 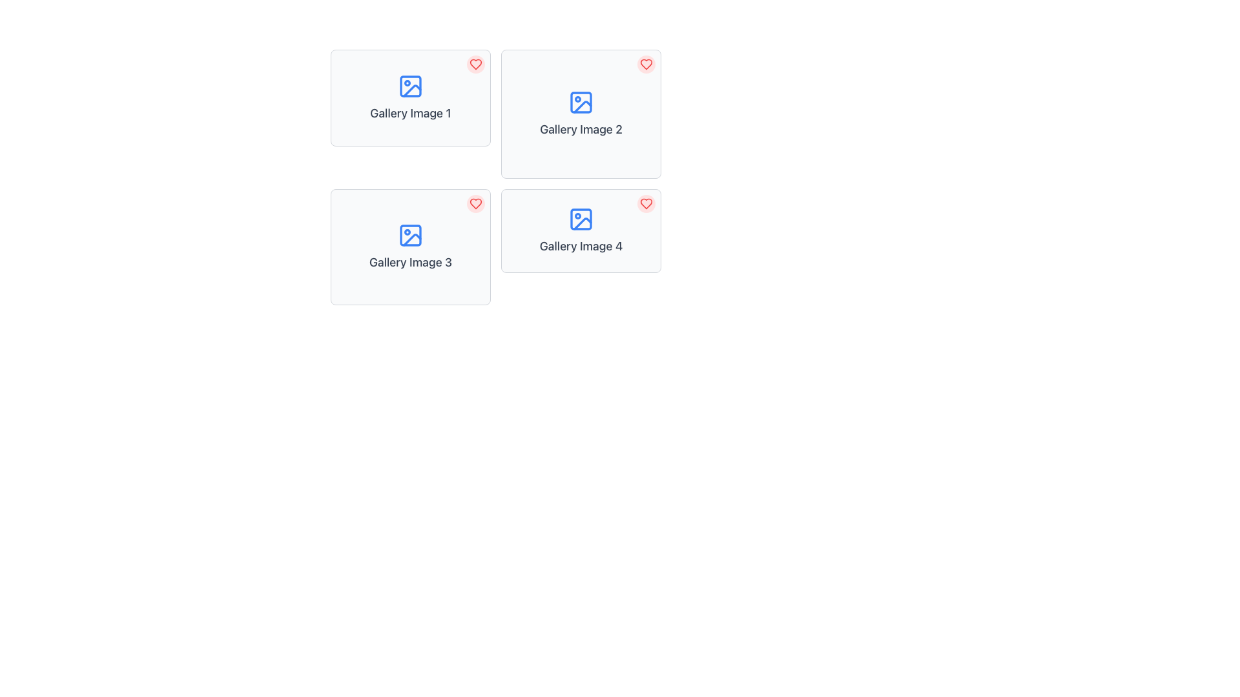 What do you see at coordinates (409, 262) in the screenshot?
I see `the static text label in the lower-middle part of the gallery card, which indicates the name of the gallery item and is the third label in a 2x2 grid` at bounding box center [409, 262].